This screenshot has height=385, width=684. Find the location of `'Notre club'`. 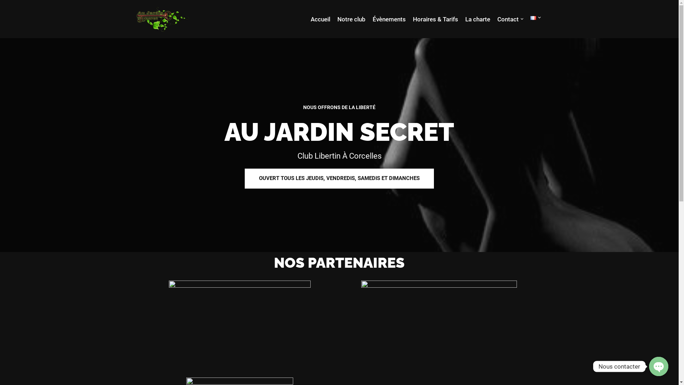

'Notre club' is located at coordinates (351, 19).